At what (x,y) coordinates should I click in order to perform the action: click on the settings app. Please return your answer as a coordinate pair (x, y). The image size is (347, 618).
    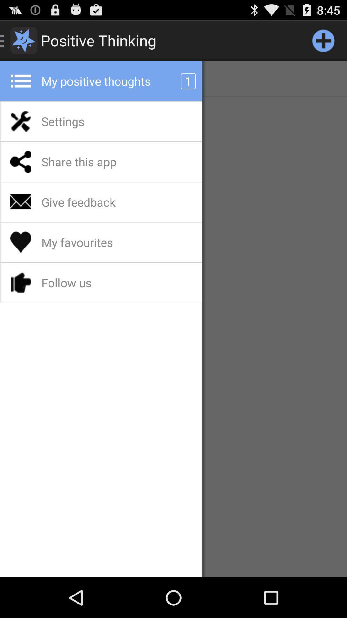
    Looking at the image, I should click on (79, 121).